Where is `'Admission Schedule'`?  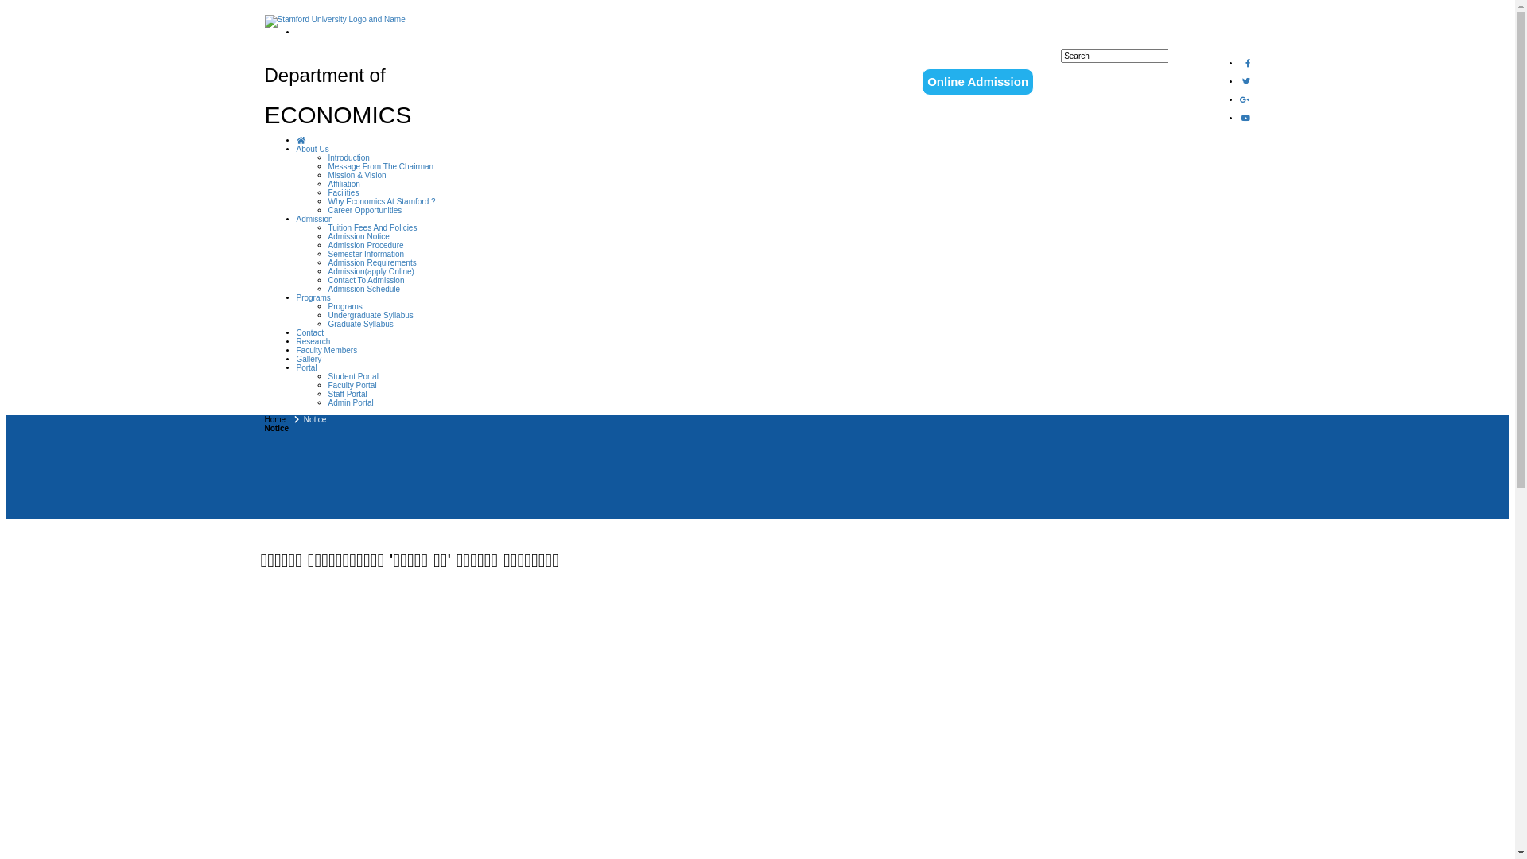
'Admission Schedule' is located at coordinates (363, 289).